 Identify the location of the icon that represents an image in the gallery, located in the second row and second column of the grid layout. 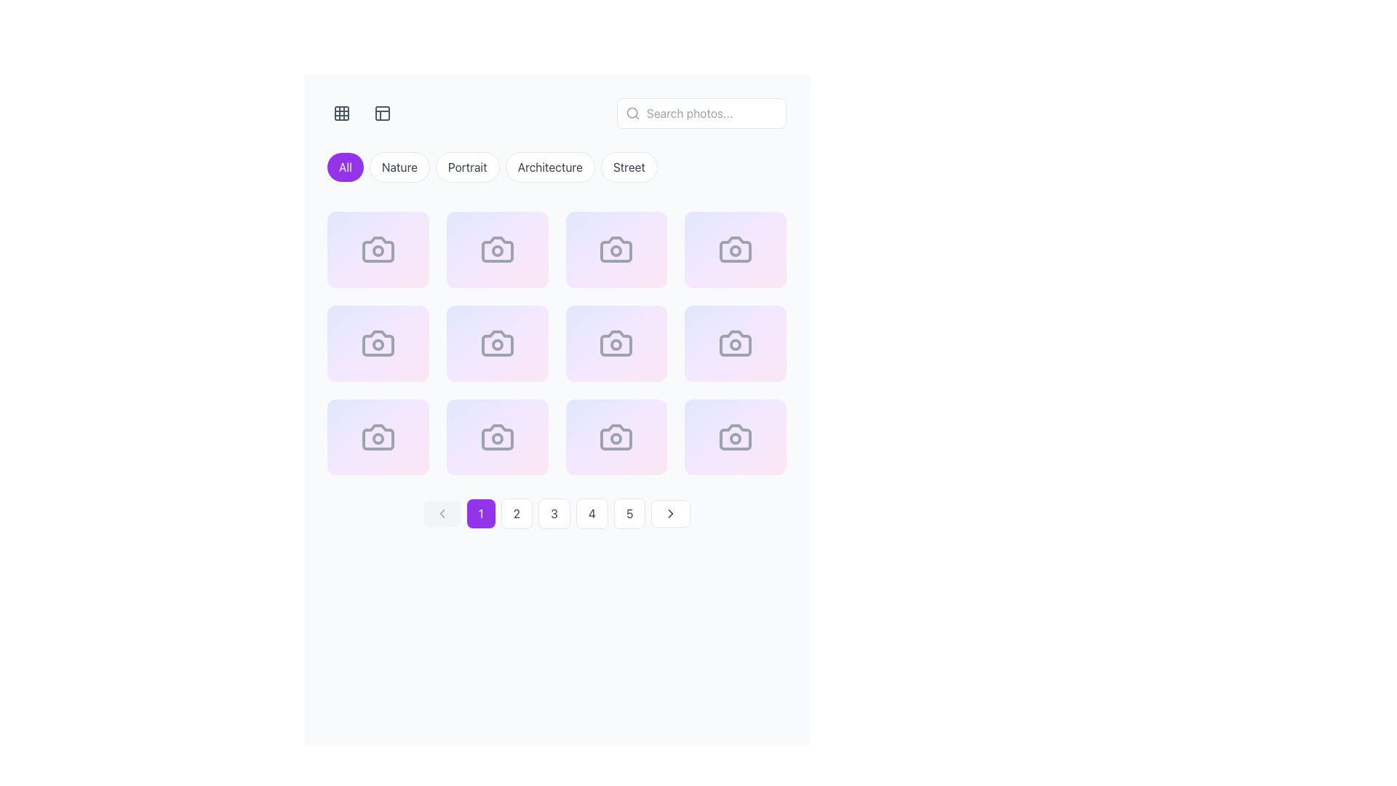
(616, 249).